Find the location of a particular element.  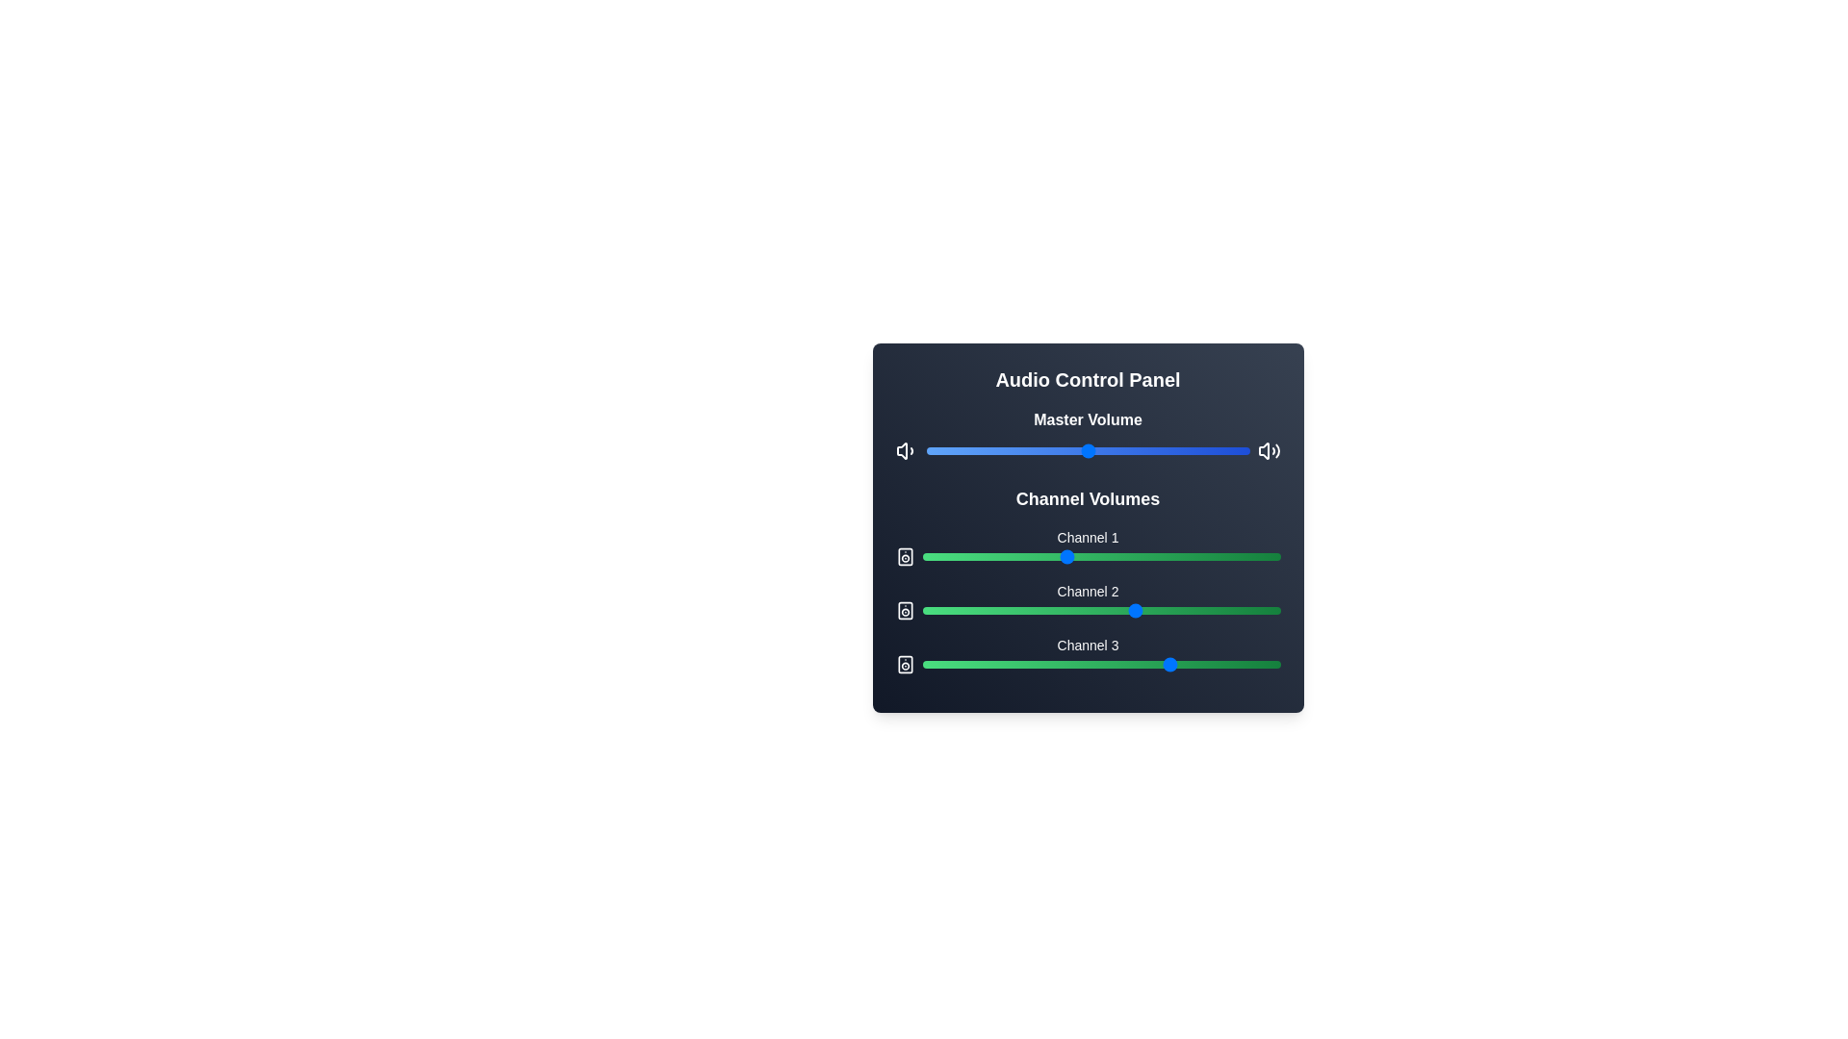

the master volume is located at coordinates (1013, 451).